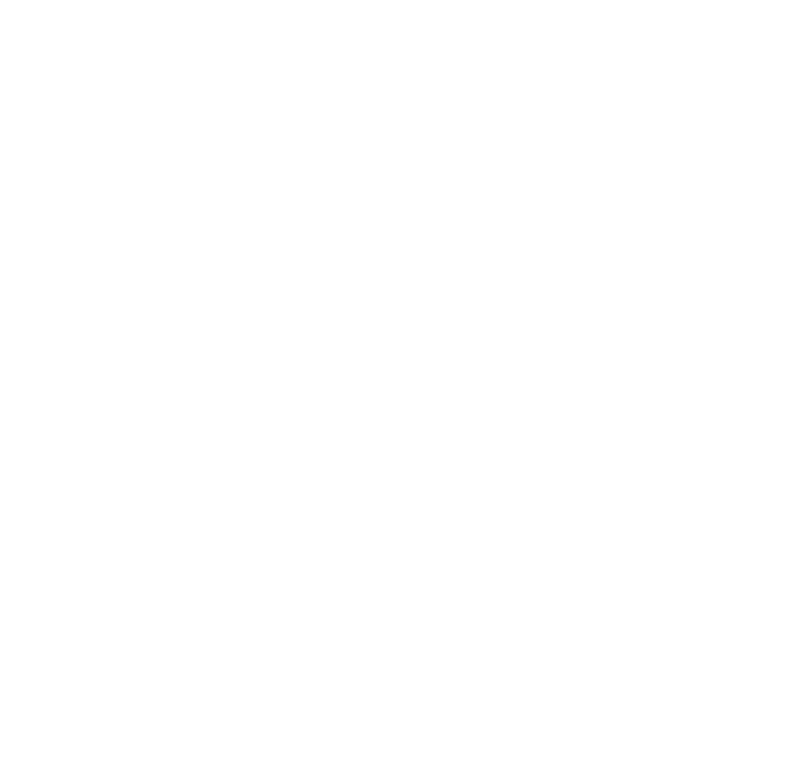 This screenshot has width=793, height=775. What do you see at coordinates (441, 557) in the screenshot?
I see `'Extract total RNA (including small/micro RNAs) from any sample.'` at bounding box center [441, 557].